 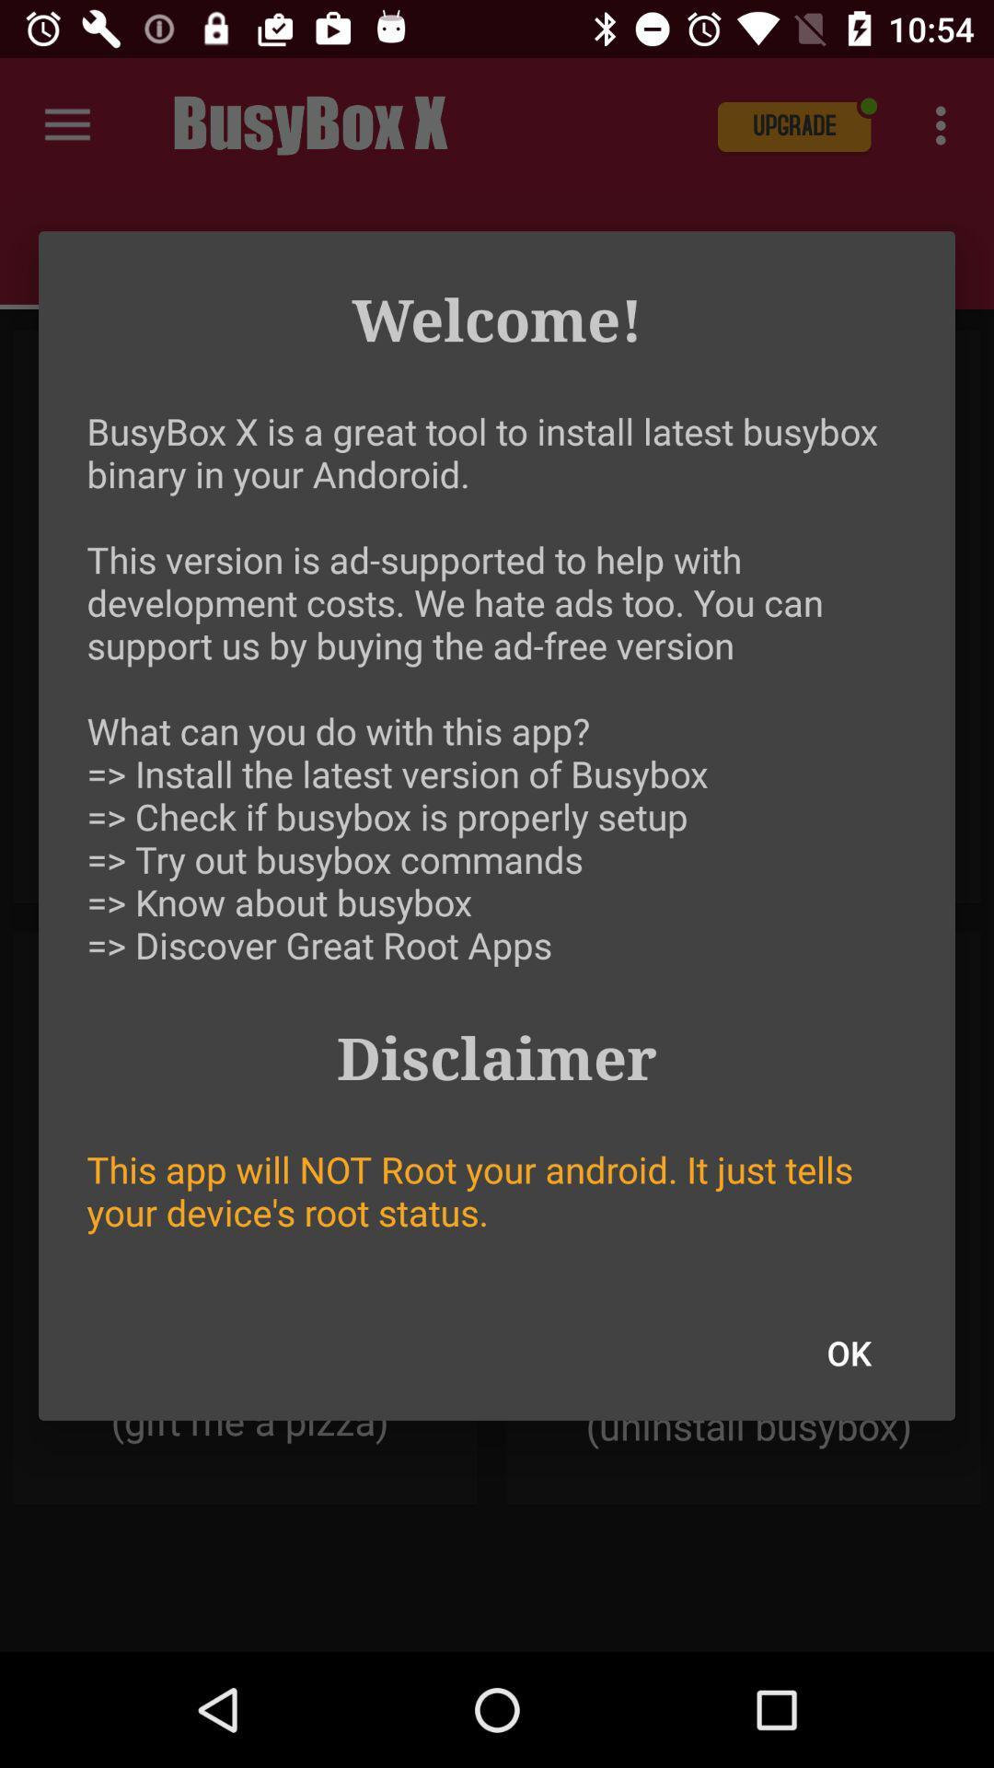 I want to click on ok item, so click(x=849, y=1353).